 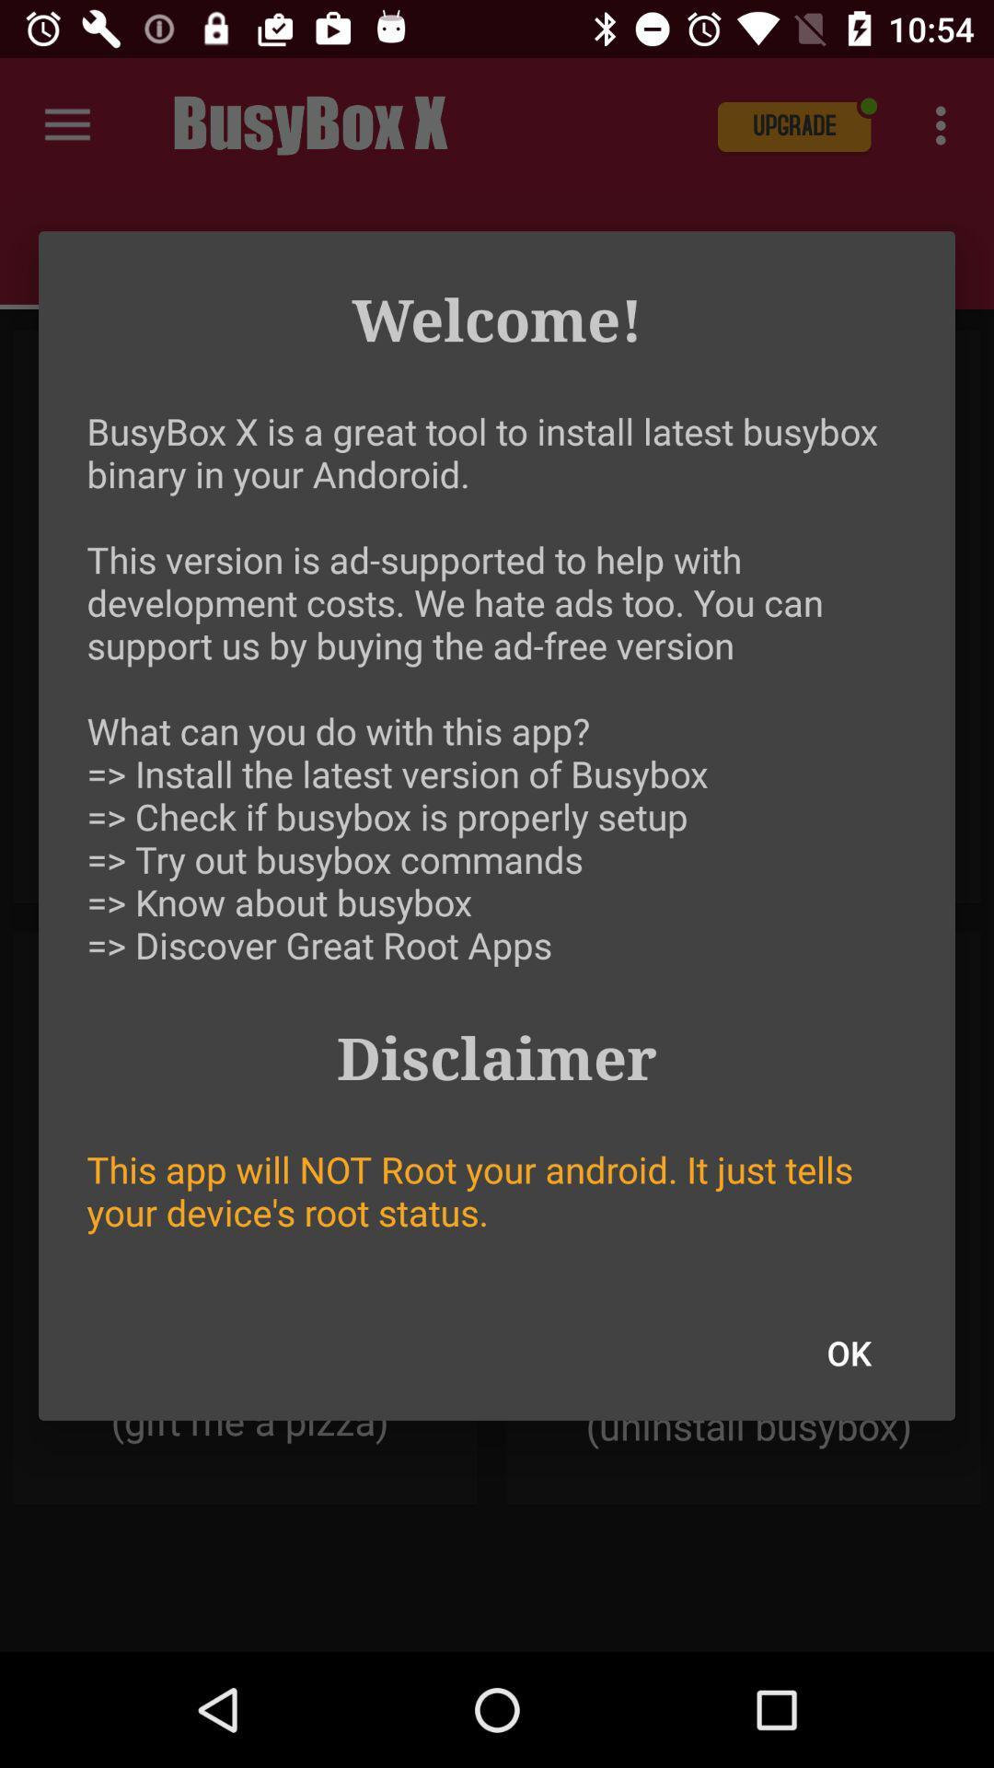 I want to click on ok item, so click(x=849, y=1353).